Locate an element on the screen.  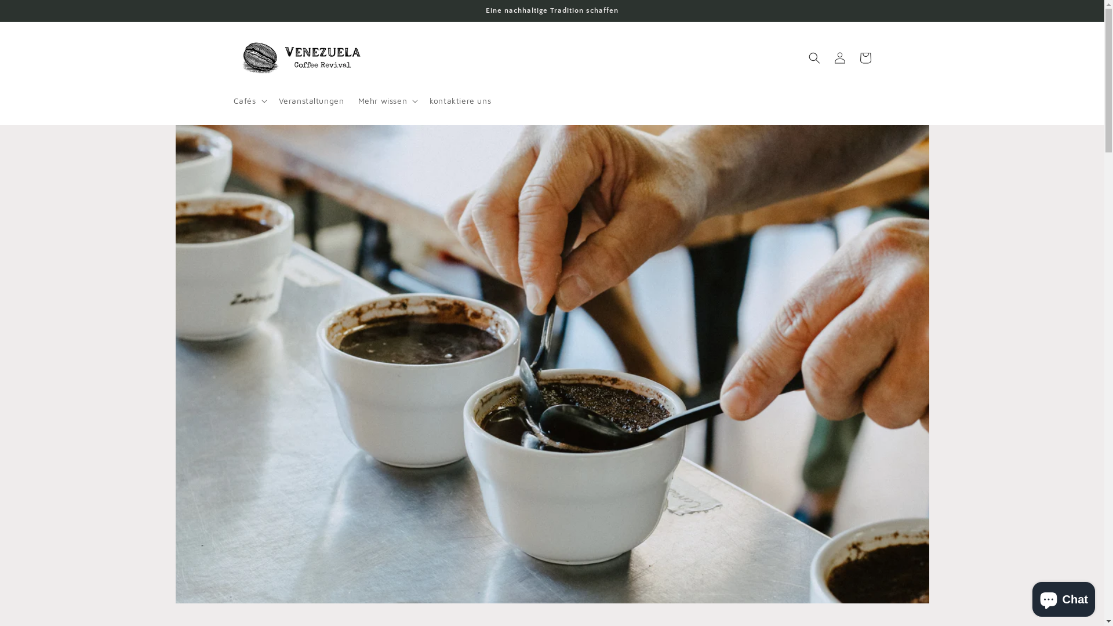
'kontaktiere uns' is located at coordinates (459, 100).